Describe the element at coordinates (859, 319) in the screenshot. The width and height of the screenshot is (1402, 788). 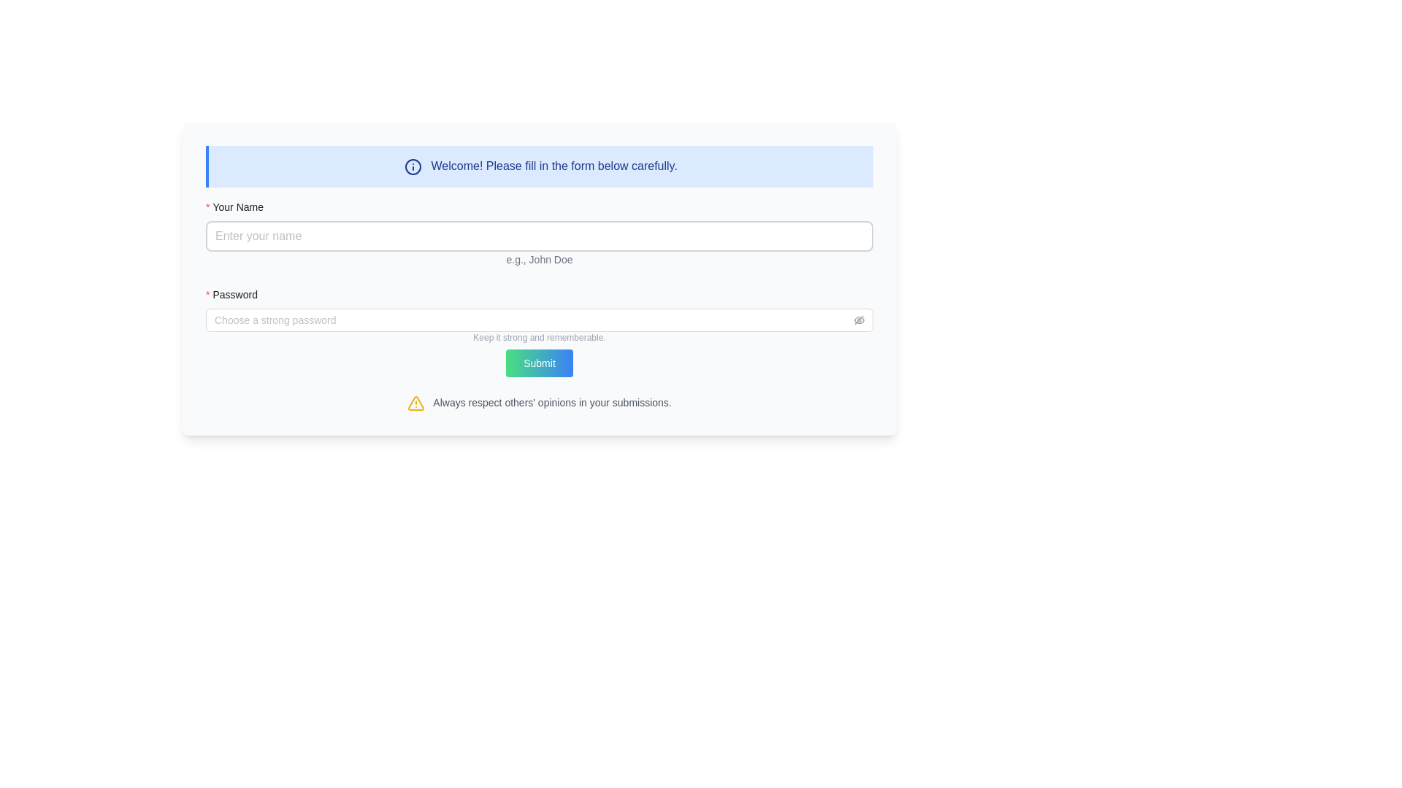
I see `the small red 'eye' icon with a strikethrough, indicating a concealed state, located inside the password input field to the right side` at that location.